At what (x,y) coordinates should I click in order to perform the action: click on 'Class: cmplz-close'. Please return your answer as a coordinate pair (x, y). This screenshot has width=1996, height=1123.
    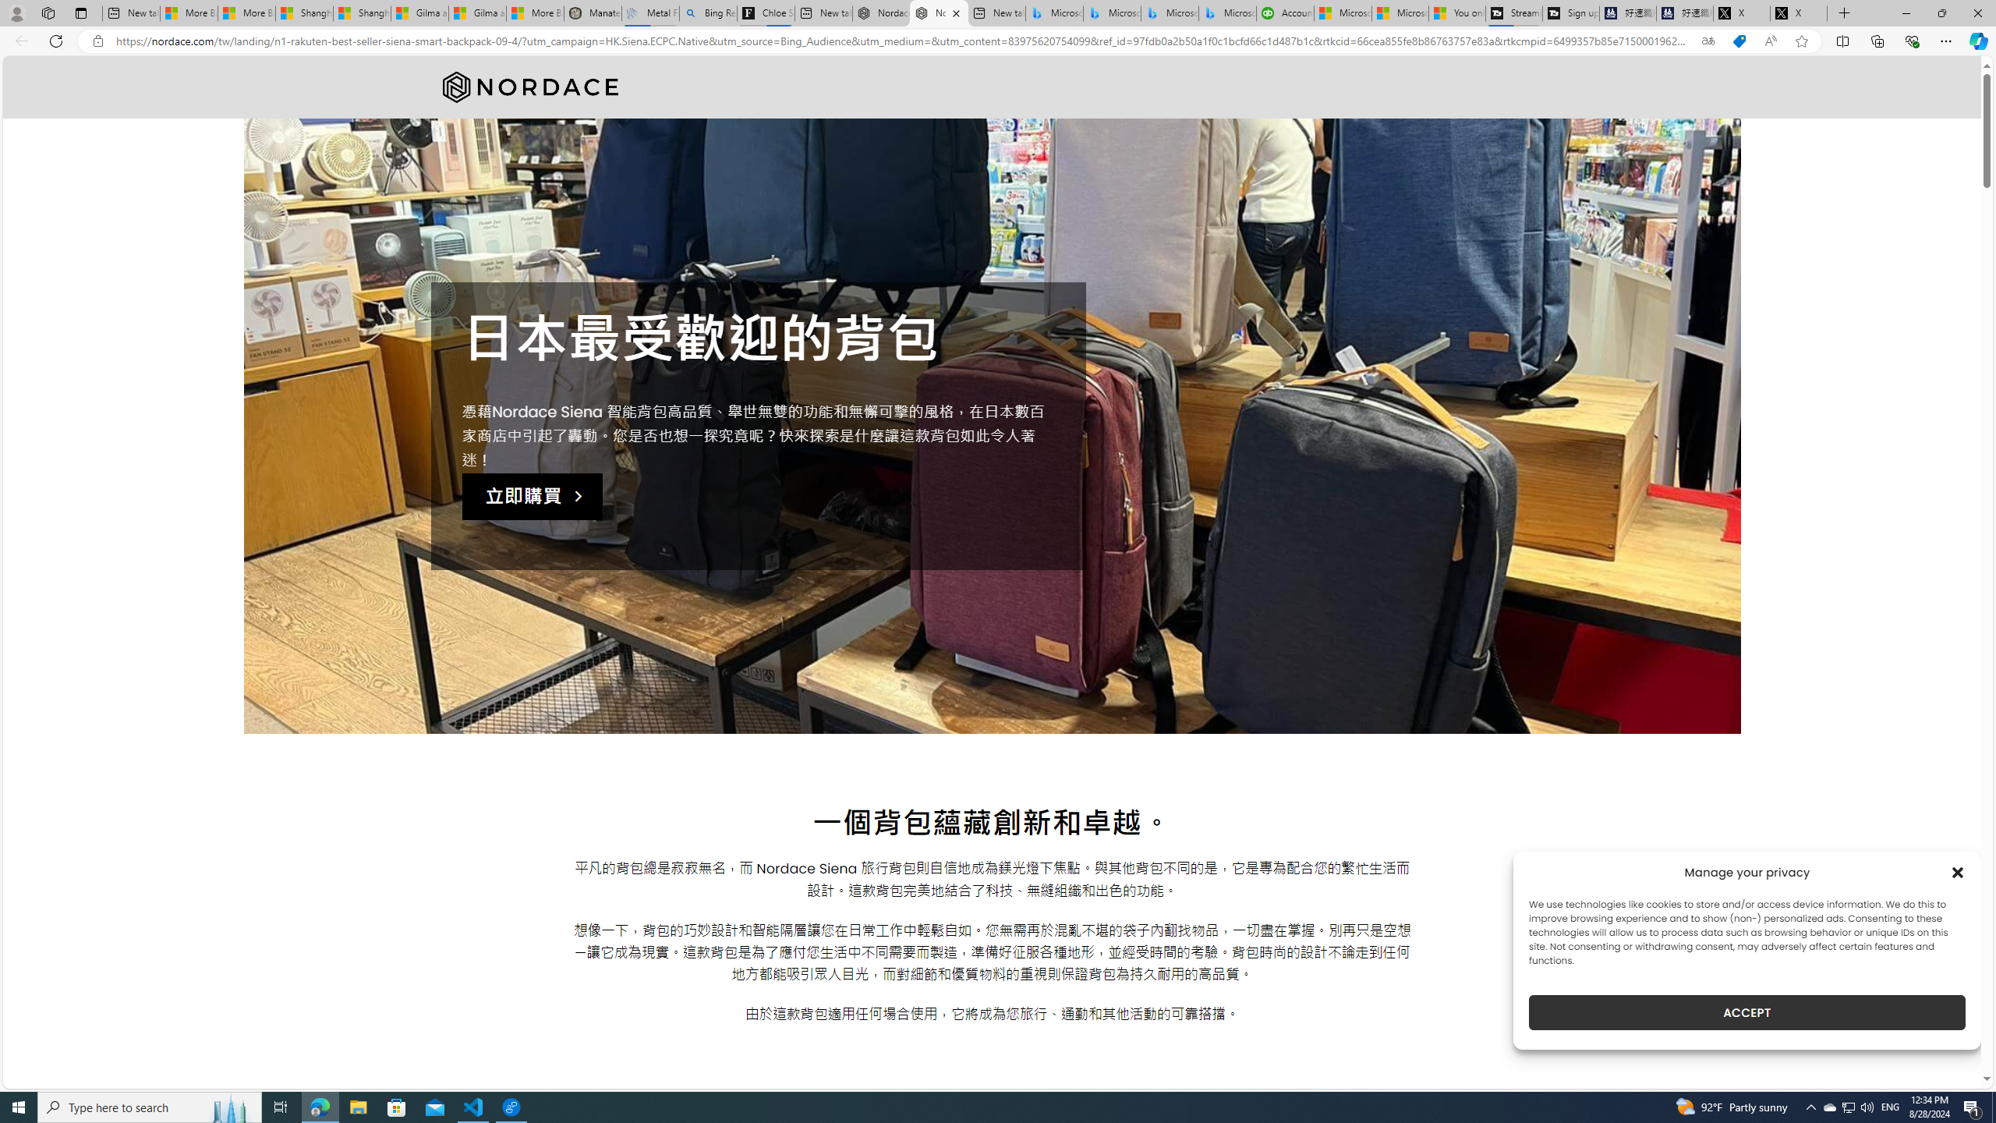
    Looking at the image, I should click on (1958, 872).